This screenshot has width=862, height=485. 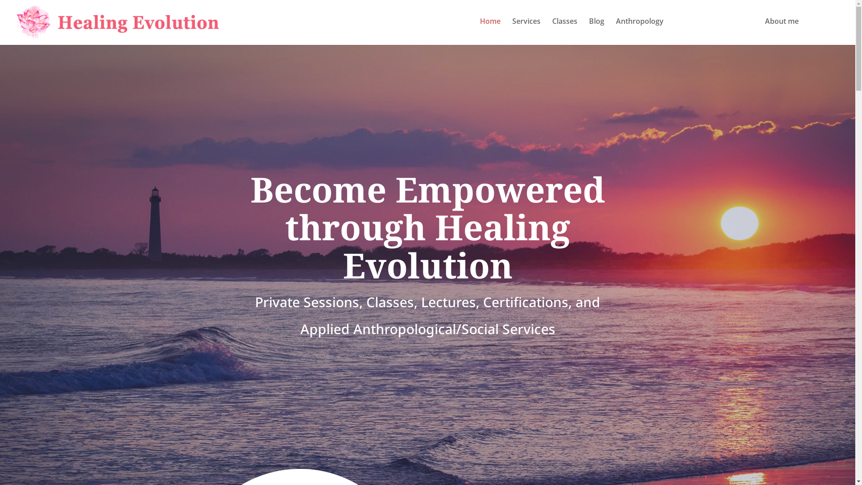 What do you see at coordinates (639, 29) in the screenshot?
I see `'Anthropology'` at bounding box center [639, 29].